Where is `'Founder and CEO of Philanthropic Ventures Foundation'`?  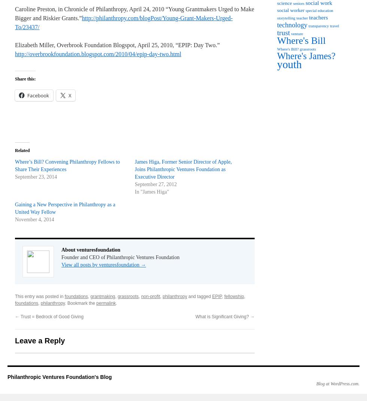
'Founder and CEO of Philanthropic Ventures Foundation' is located at coordinates (120, 257).